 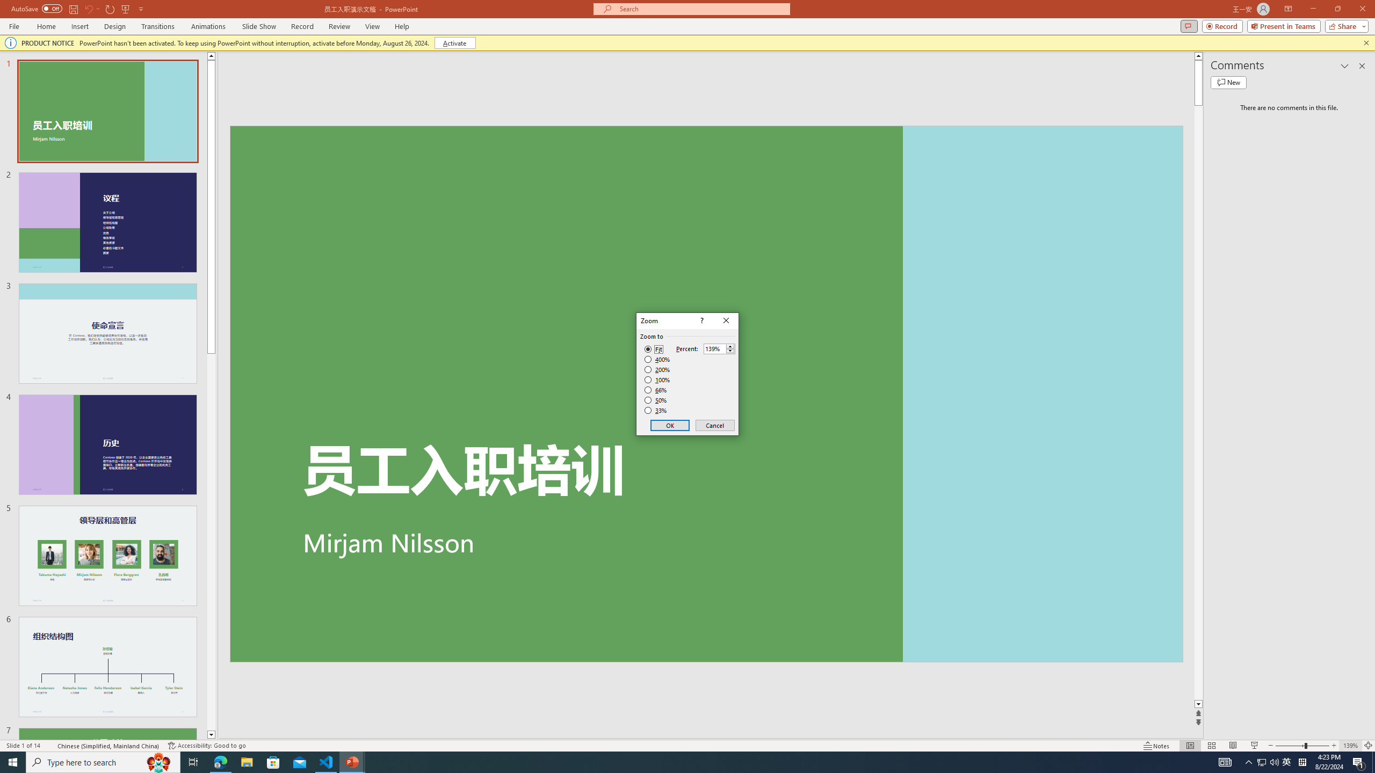 What do you see at coordinates (729, 351) in the screenshot?
I see `'Less'` at bounding box center [729, 351].